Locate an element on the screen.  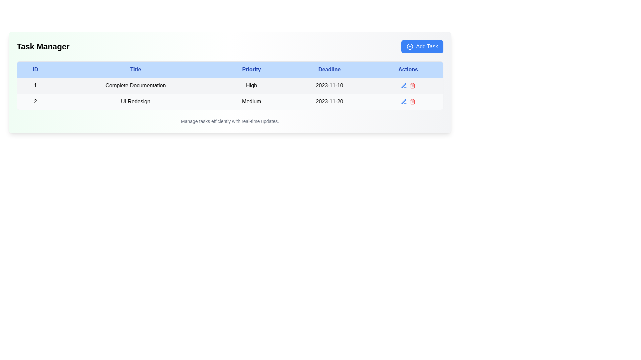
the outer circle of the 'Add Task' button located at the top right corner of the task manager interface is located at coordinates (410, 46).